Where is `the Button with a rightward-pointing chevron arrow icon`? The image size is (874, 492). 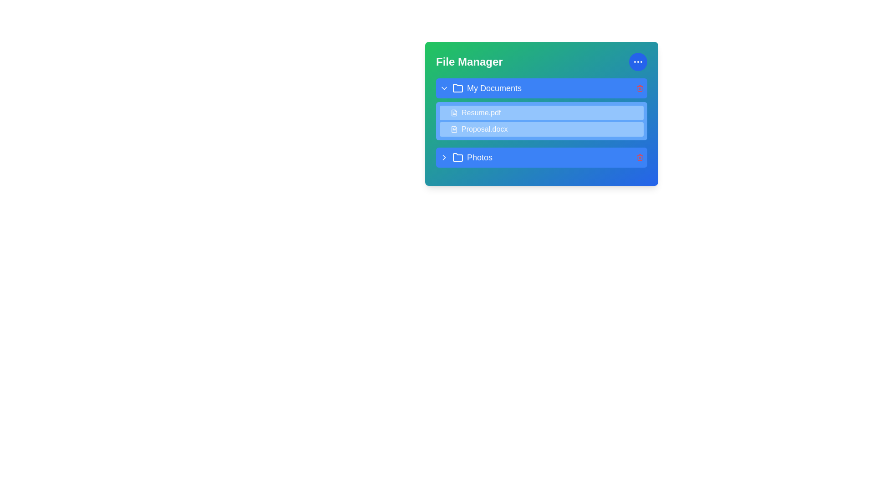
the Button with a rightward-pointing chevron arrow icon is located at coordinates (444, 157).